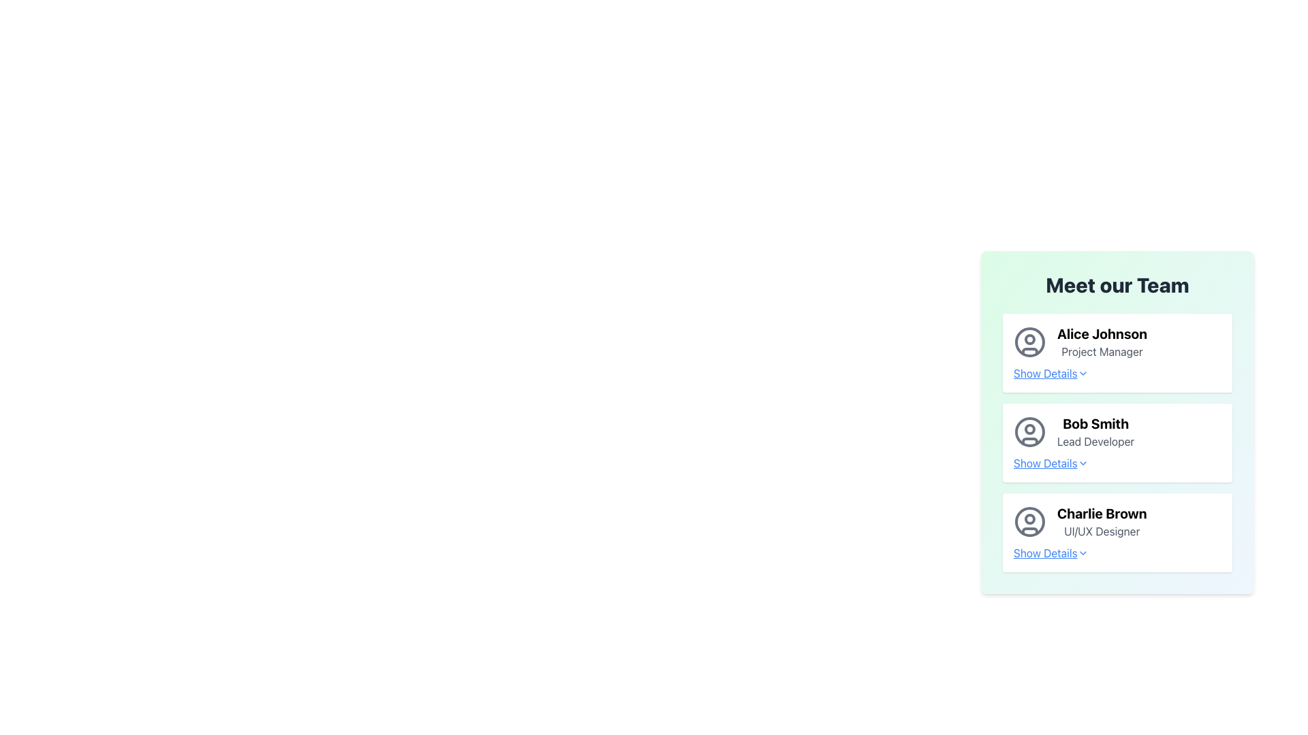 Image resolution: width=1308 pixels, height=735 pixels. I want to click on the user profile icon for 'Bob Smith,' which is a circular gray icon located at the top-left of the card, representing the 'Lead Developer.', so click(1030, 432).